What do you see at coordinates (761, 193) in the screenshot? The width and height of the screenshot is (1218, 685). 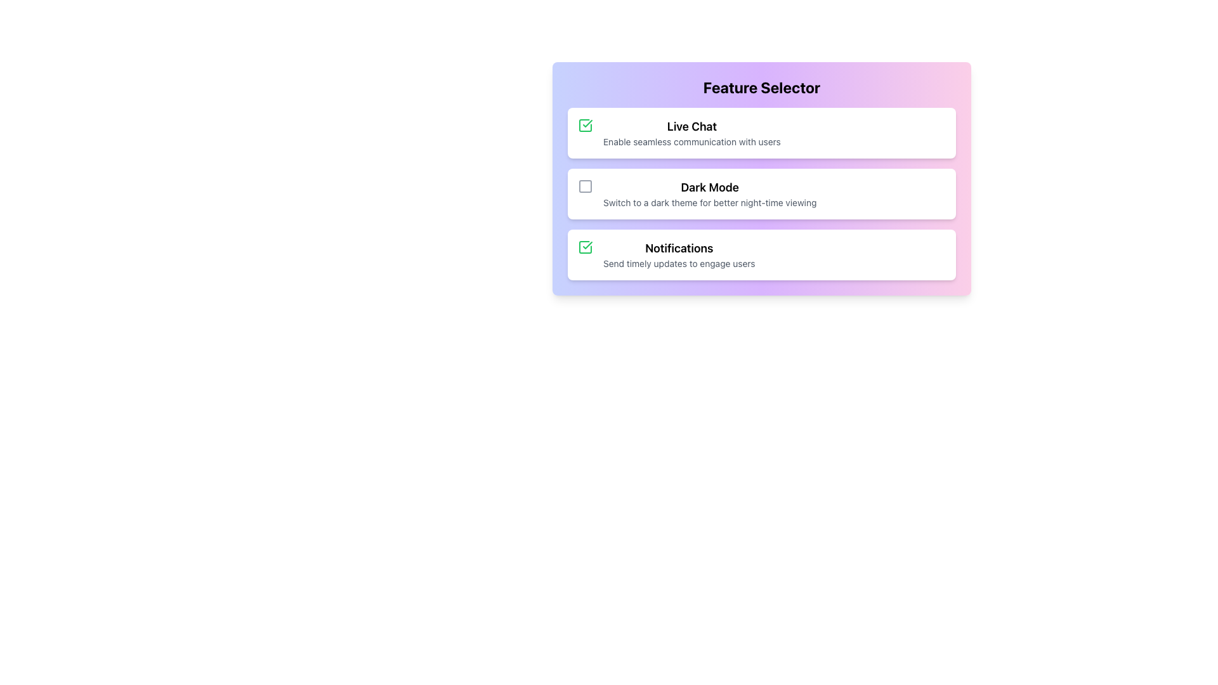 I see `the checkbox on the second Option card in the list` at bounding box center [761, 193].